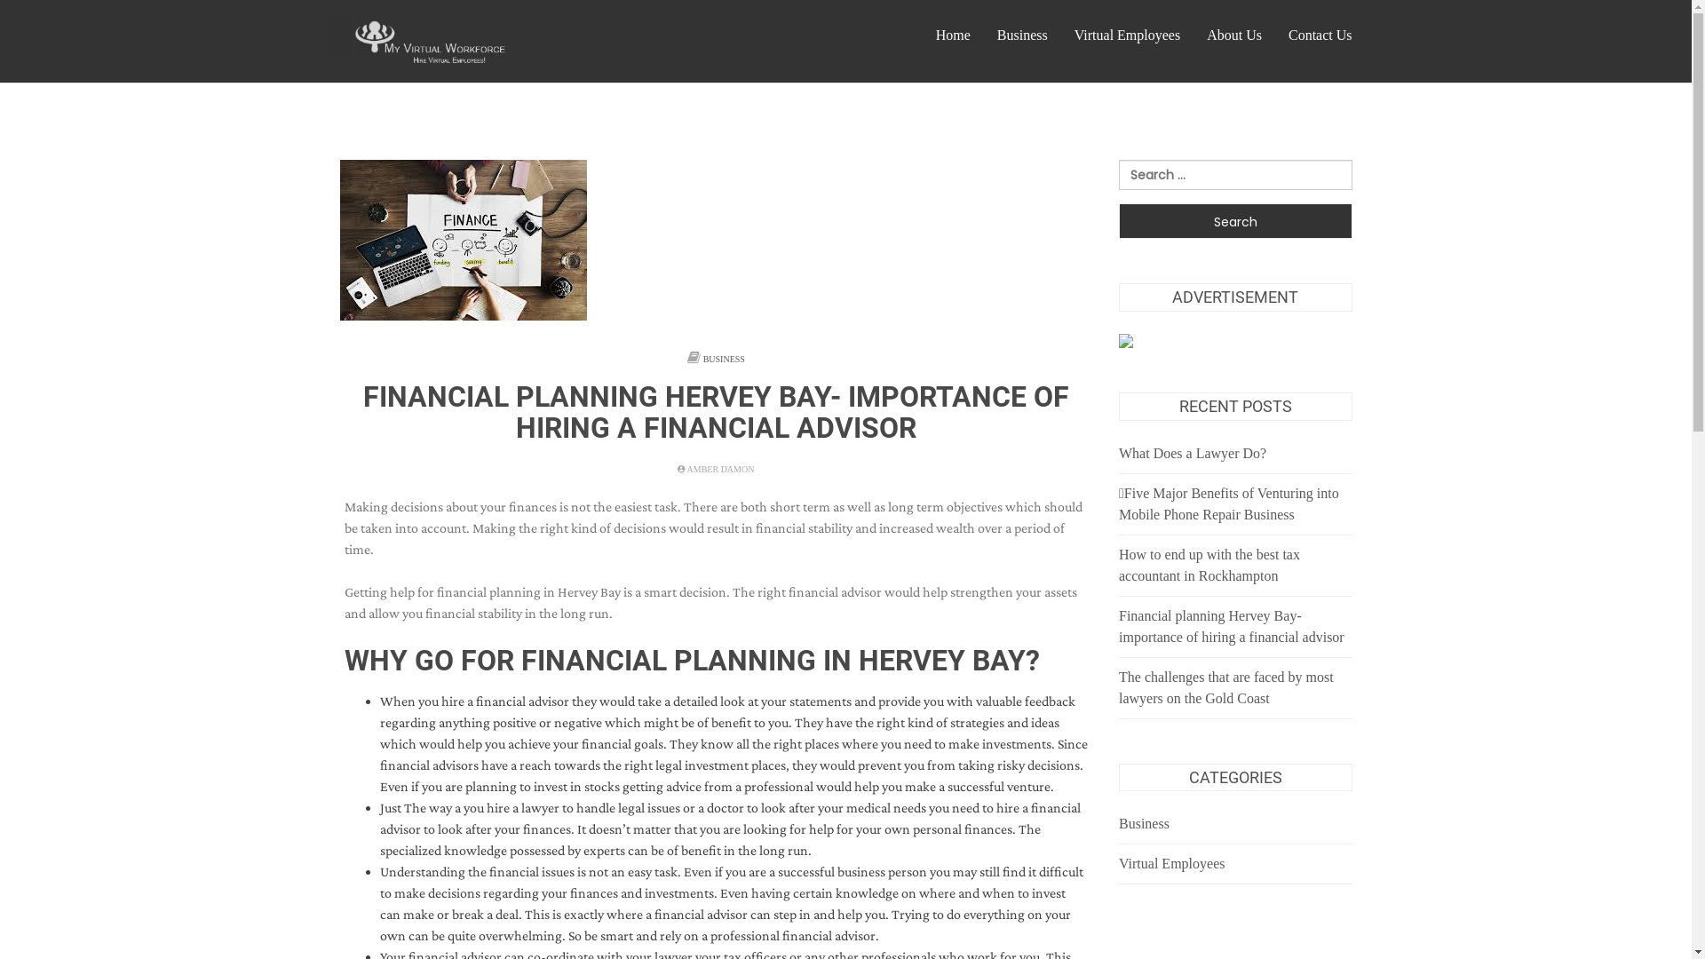 The height and width of the screenshot is (959, 1705). Describe the element at coordinates (1061, 35) in the screenshot. I see `'Virtual Employees'` at that location.